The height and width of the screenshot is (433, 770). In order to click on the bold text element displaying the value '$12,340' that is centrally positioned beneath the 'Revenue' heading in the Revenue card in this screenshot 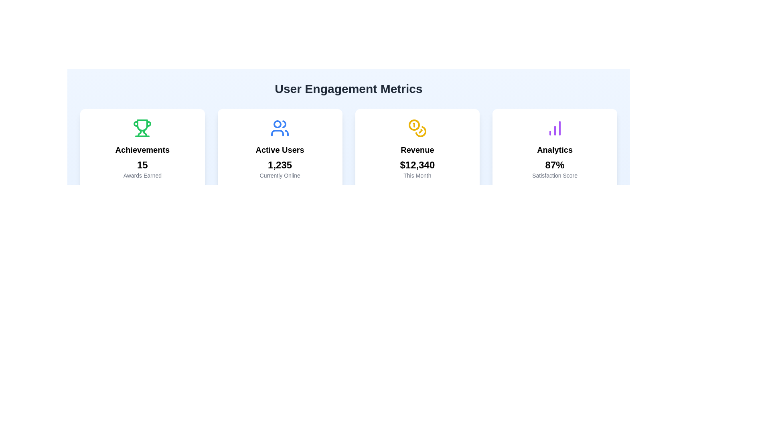, I will do `click(417, 165)`.